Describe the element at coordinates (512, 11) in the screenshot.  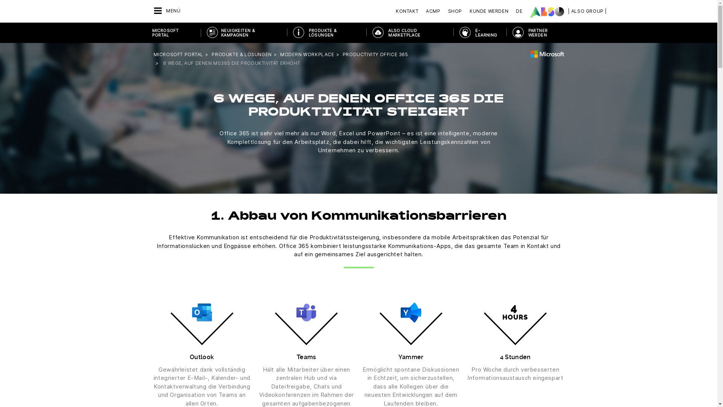
I see `'DE'` at that location.